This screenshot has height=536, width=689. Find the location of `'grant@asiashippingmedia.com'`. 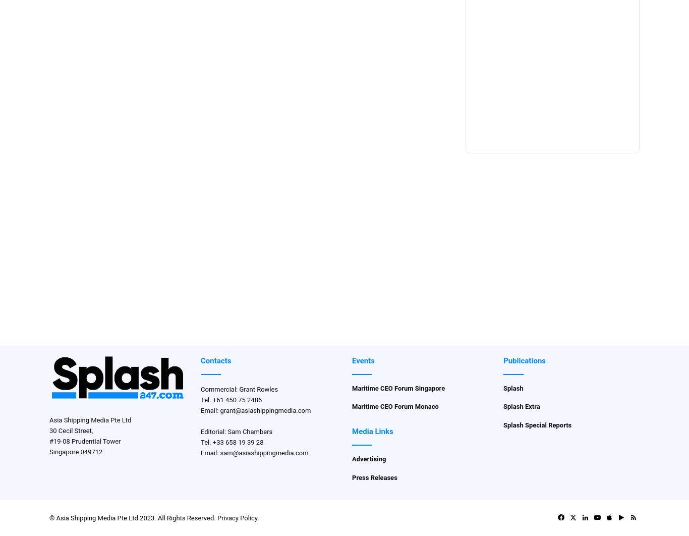

'grant@asiashippingmedia.com' is located at coordinates (265, 409).